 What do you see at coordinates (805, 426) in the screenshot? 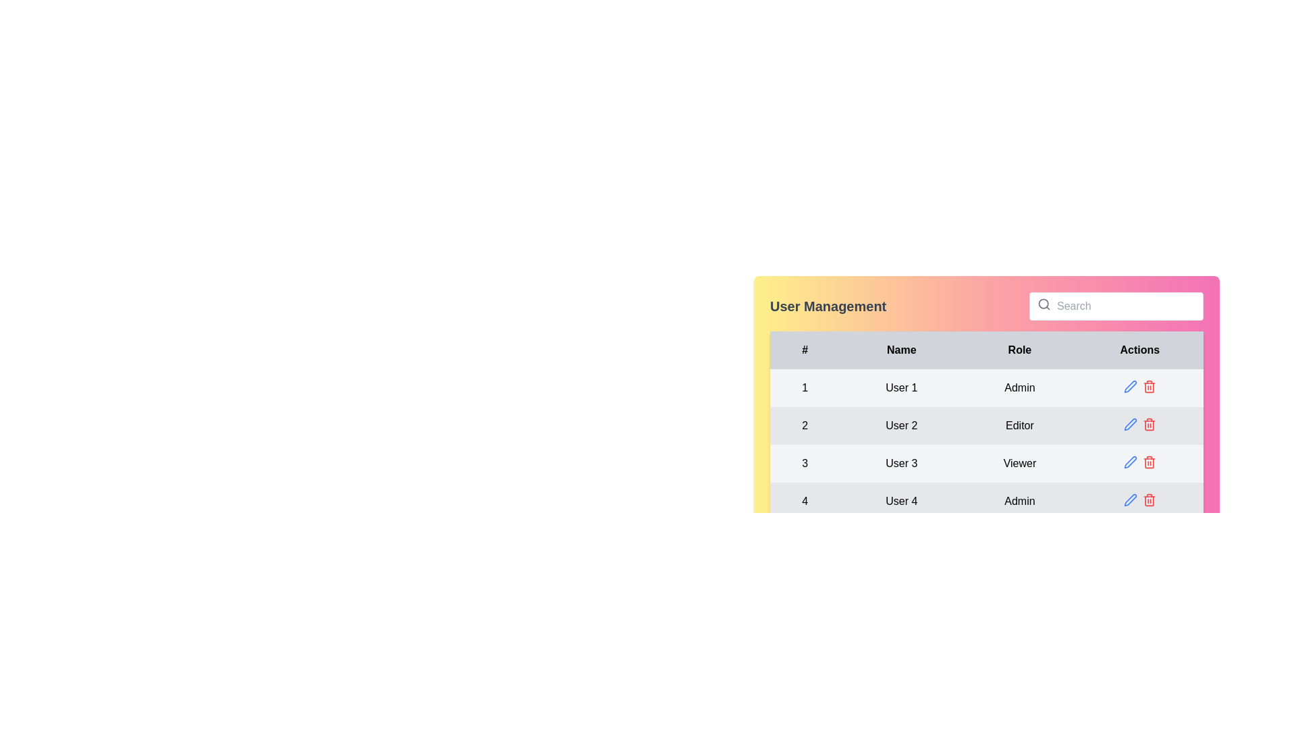
I see `the static text element that serves as the row index for the second entry in the user management table, located in the second row under the '#' header, aligning horizontally with 'User 2' and 'Editor'` at bounding box center [805, 426].